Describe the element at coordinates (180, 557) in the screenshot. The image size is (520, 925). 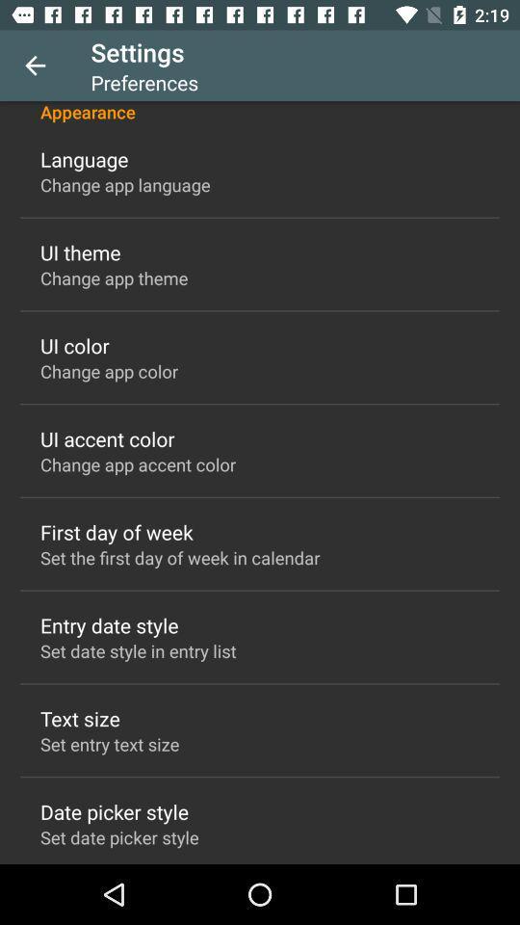
I see `the set the first item` at that location.